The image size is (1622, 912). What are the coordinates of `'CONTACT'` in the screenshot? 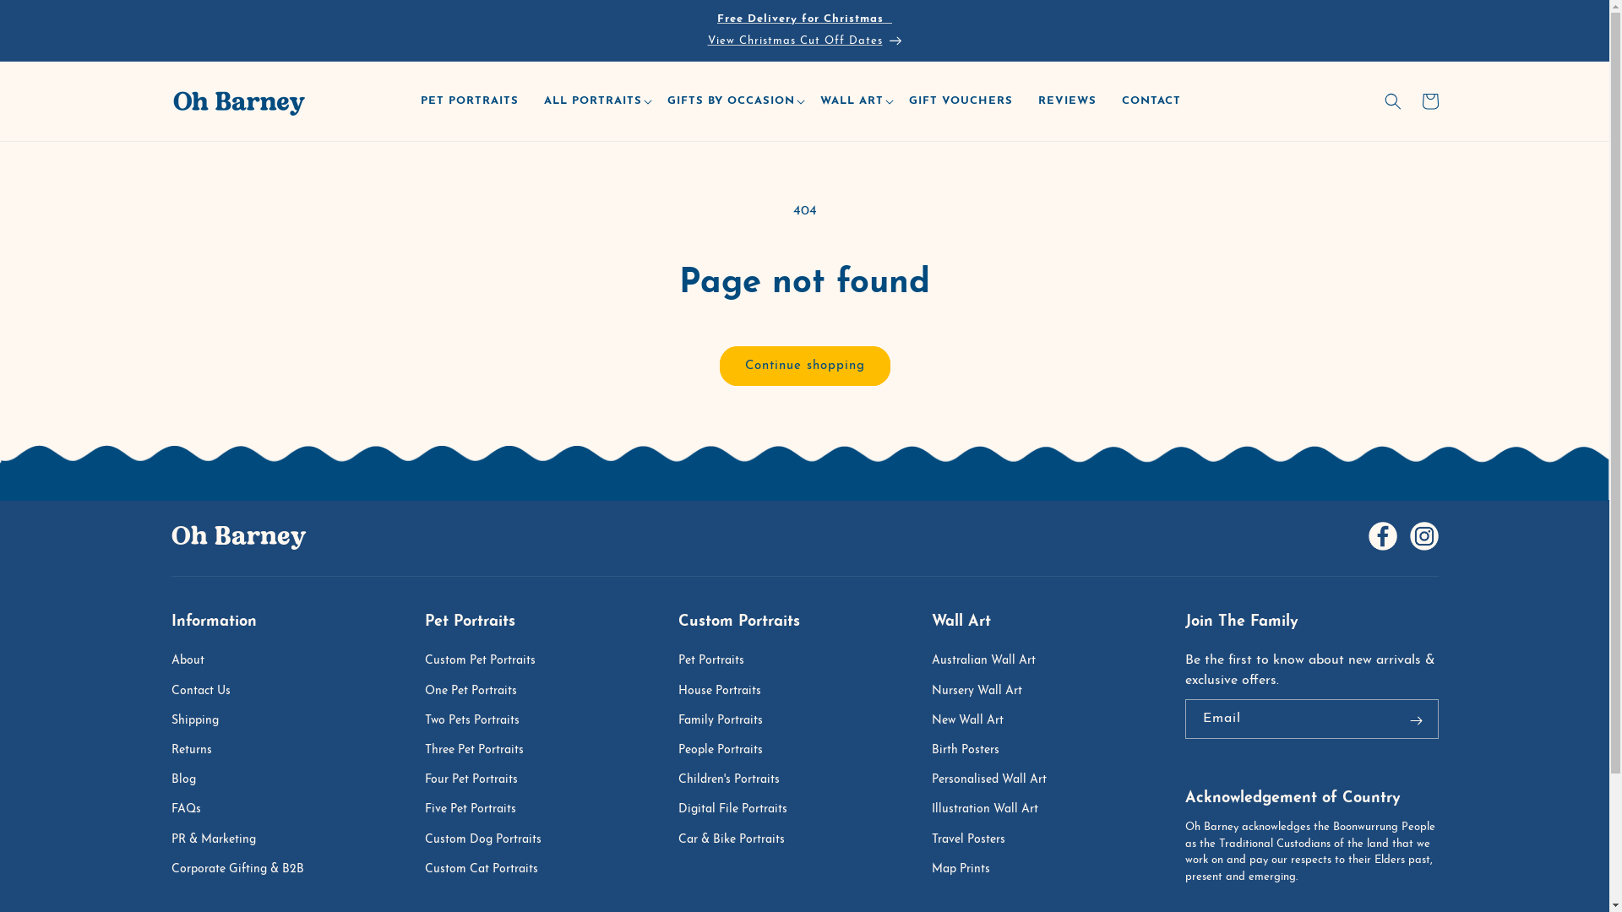 It's located at (1155, 101).